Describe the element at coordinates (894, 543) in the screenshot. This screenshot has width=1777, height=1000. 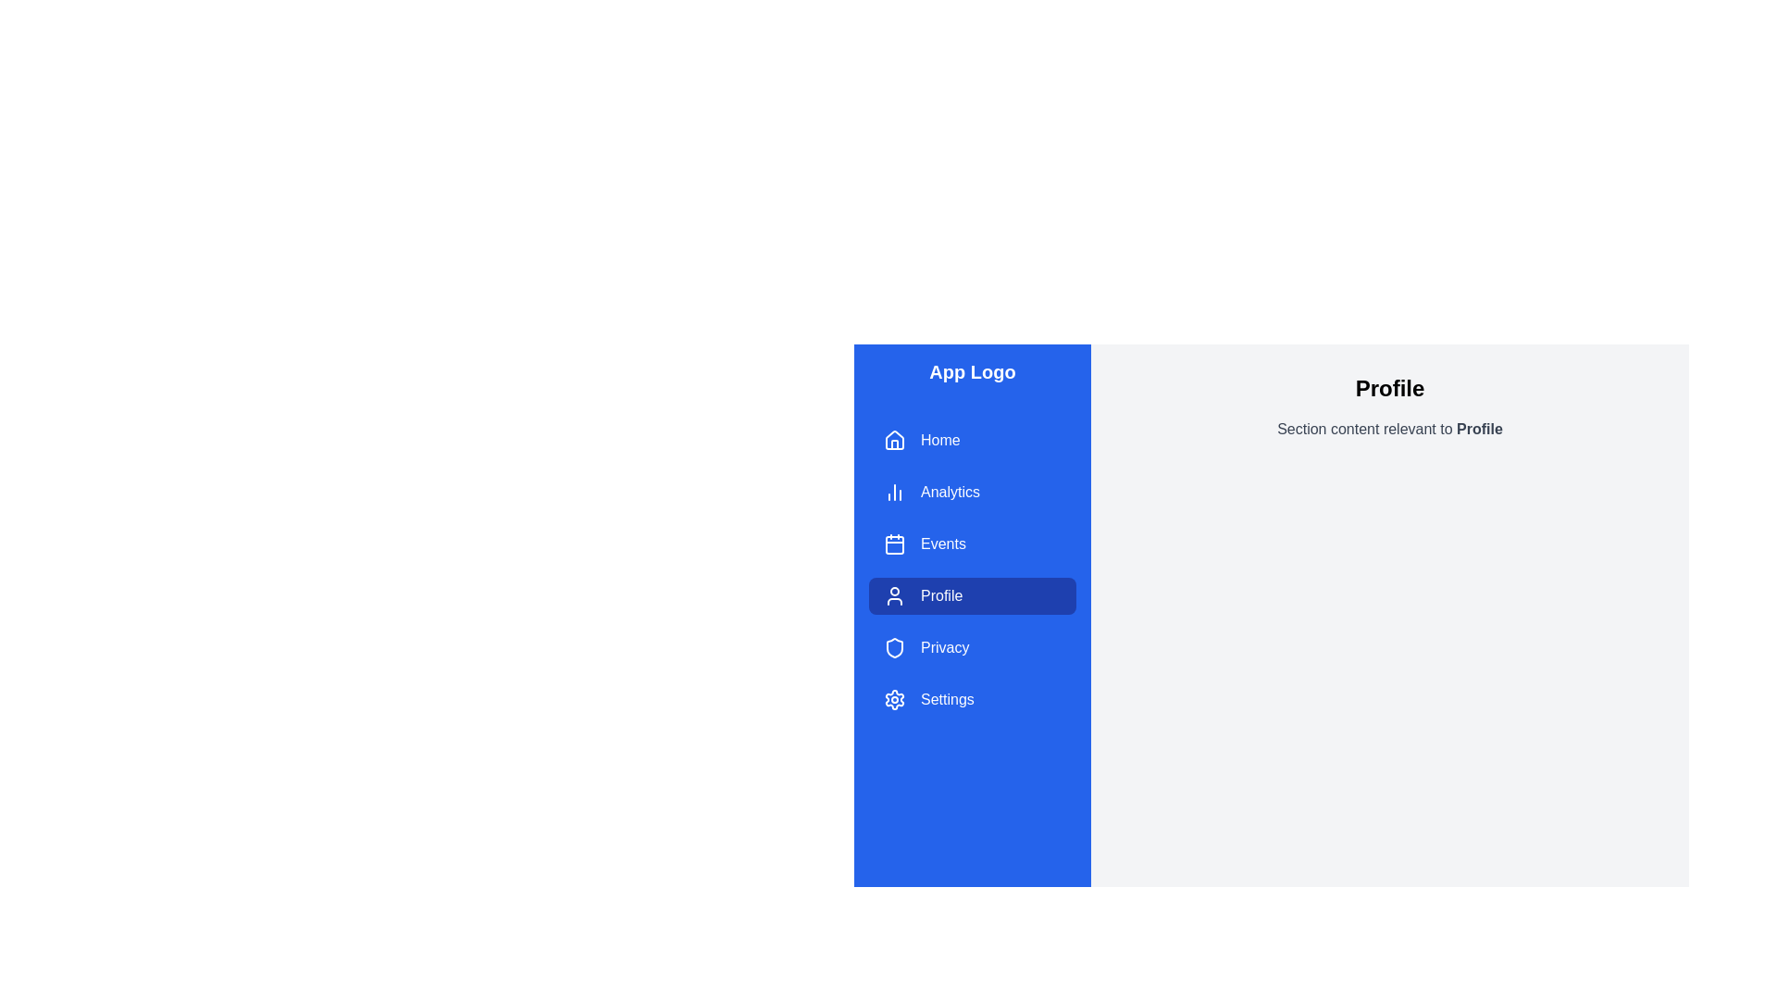
I see `the calendar icon located in the navigation sidebar beside the text 'Events'` at that location.